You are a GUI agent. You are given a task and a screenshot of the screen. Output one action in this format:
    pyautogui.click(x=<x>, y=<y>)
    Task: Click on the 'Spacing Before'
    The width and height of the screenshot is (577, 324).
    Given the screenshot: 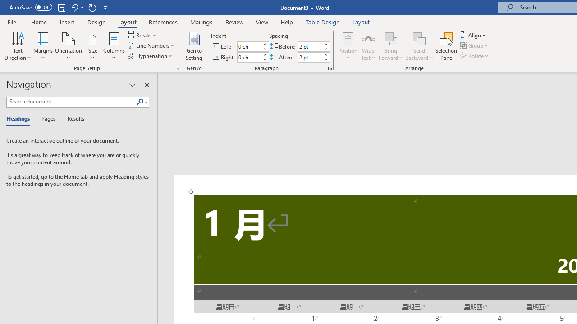 What is the action you would take?
    pyautogui.click(x=310, y=46)
    